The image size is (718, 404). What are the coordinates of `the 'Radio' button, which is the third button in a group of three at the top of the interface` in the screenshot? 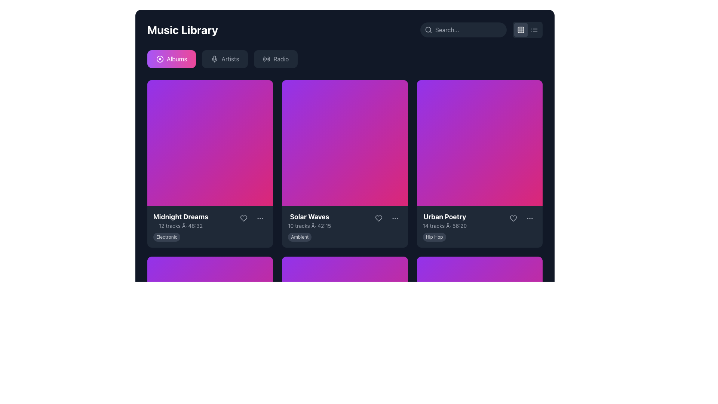 It's located at (275, 59).